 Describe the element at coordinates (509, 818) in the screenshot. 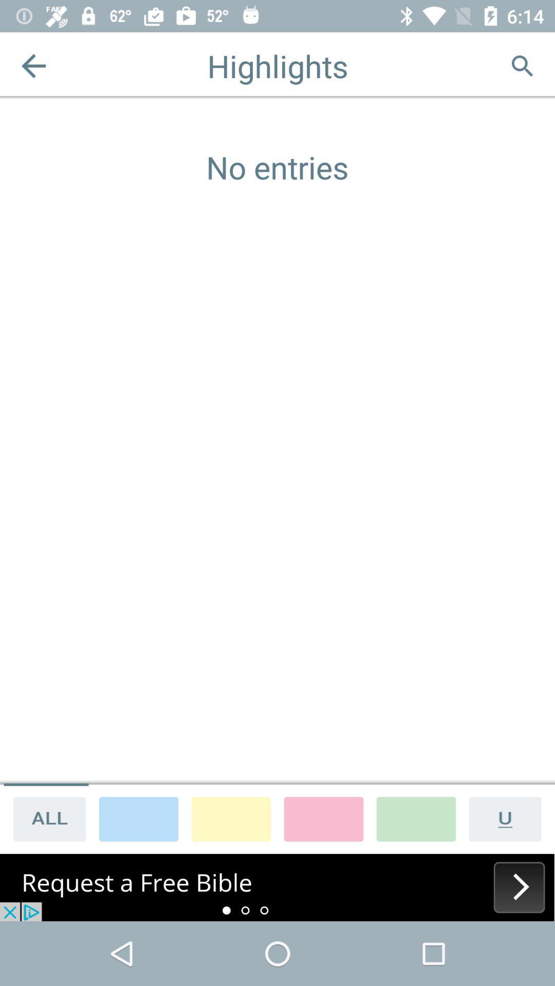

I see `underline text` at that location.